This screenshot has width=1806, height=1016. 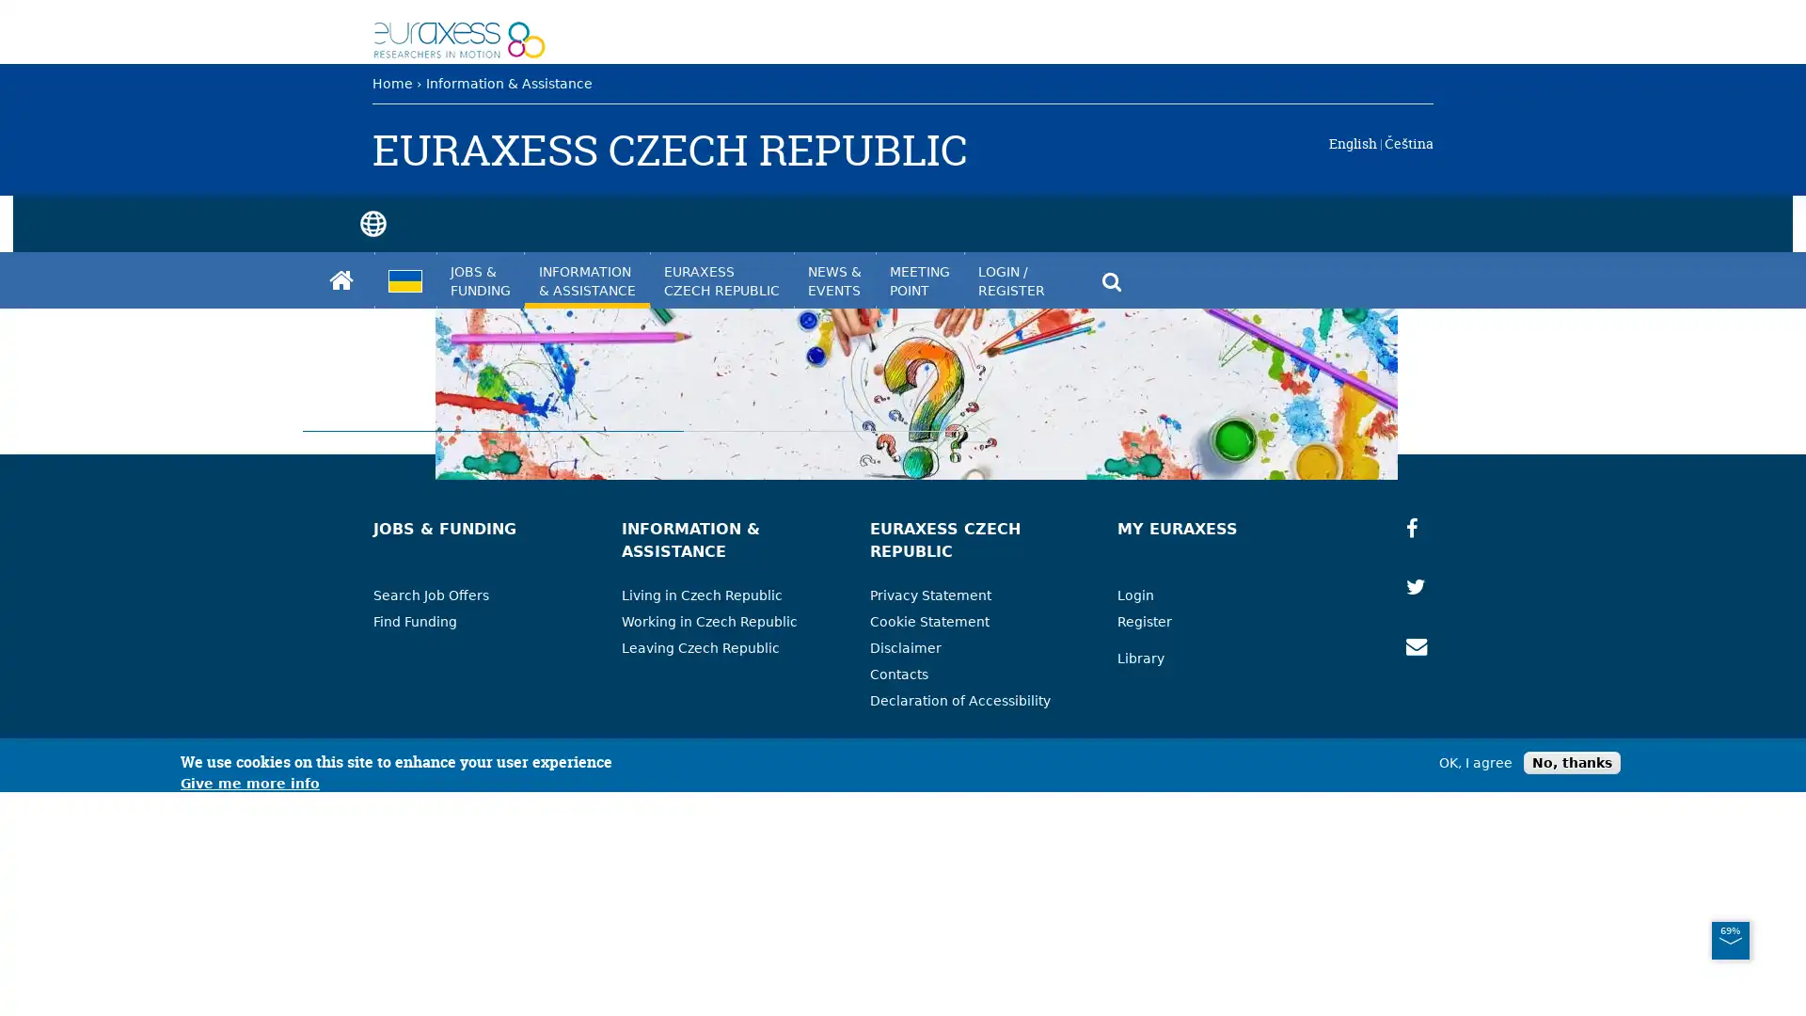 I want to click on Give me more info, so click(x=248, y=1007).